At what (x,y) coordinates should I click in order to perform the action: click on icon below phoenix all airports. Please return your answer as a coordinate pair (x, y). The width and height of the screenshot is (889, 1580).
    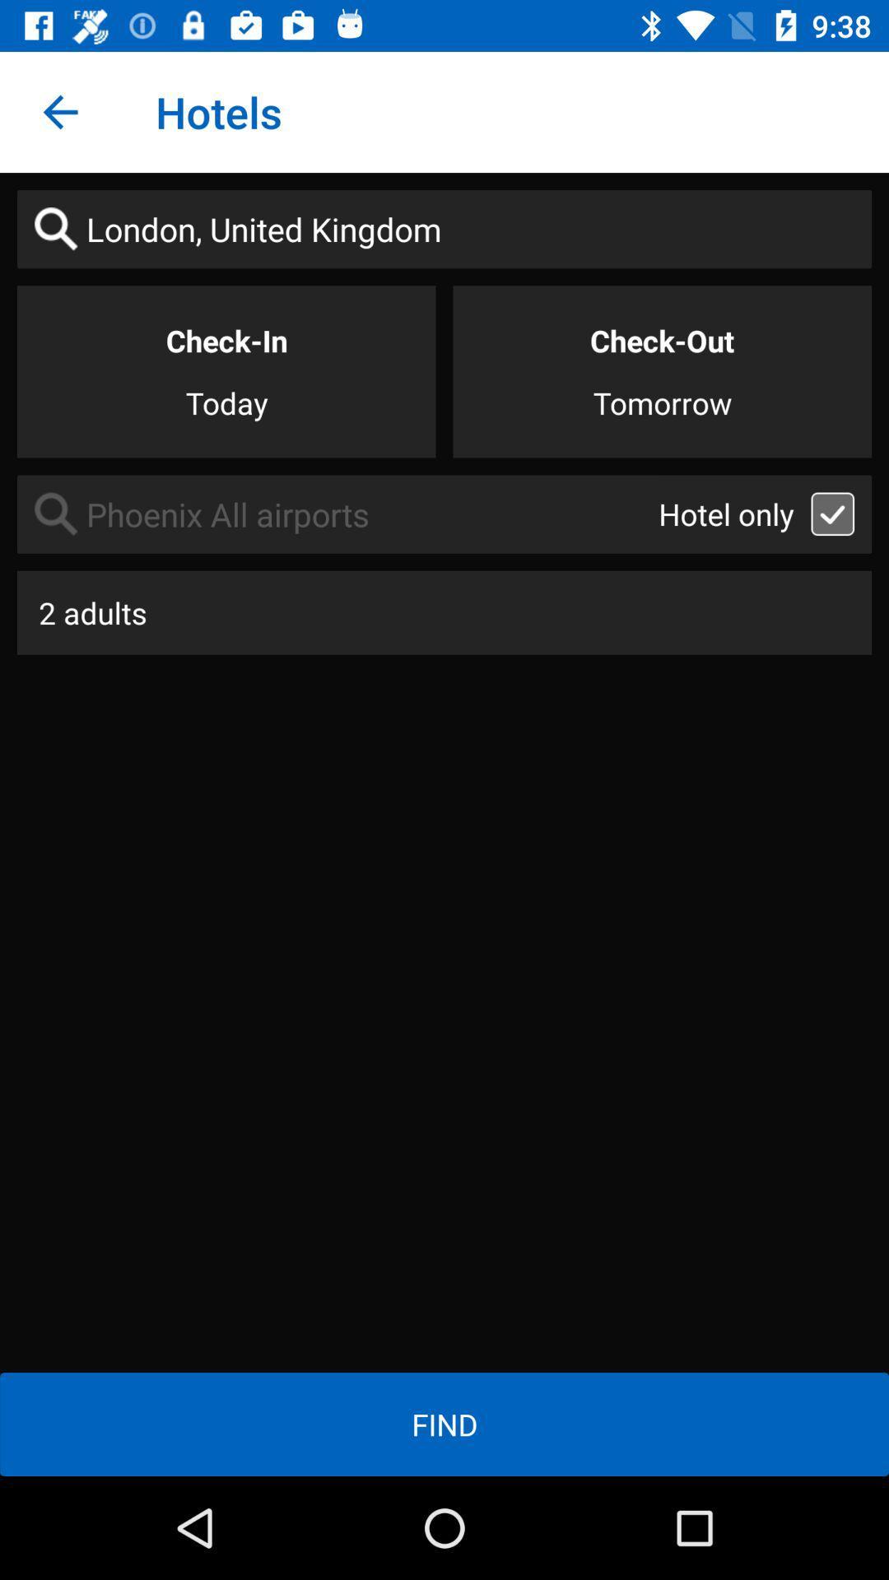
    Looking at the image, I should click on (444, 611).